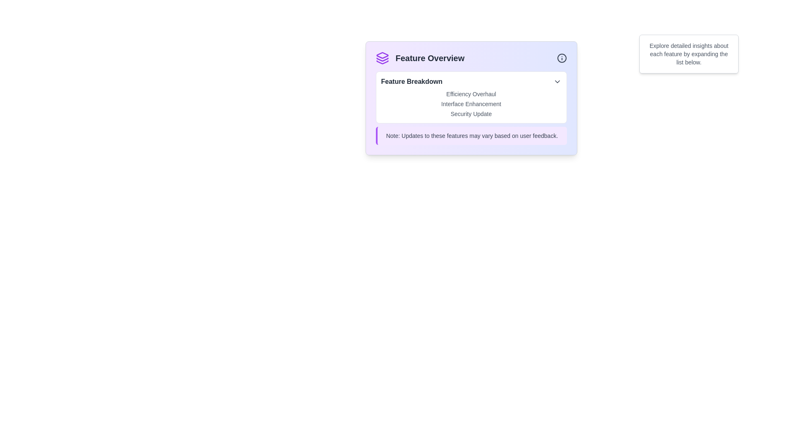  What do you see at coordinates (471, 103) in the screenshot?
I see `the Text display field for feature updates located under the 'Feature Breakdown' section` at bounding box center [471, 103].